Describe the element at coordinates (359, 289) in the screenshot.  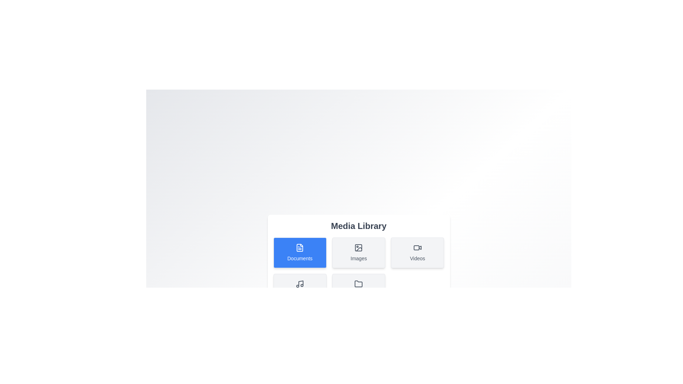
I see `the Archives button to observe the hover effect` at that location.